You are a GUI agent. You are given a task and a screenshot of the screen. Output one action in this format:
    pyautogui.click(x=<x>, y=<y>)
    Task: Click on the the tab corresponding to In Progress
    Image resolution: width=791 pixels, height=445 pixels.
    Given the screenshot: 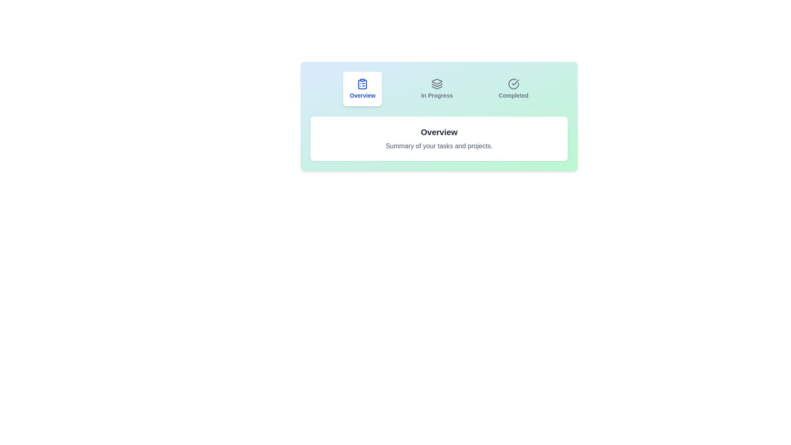 What is the action you would take?
    pyautogui.click(x=436, y=89)
    